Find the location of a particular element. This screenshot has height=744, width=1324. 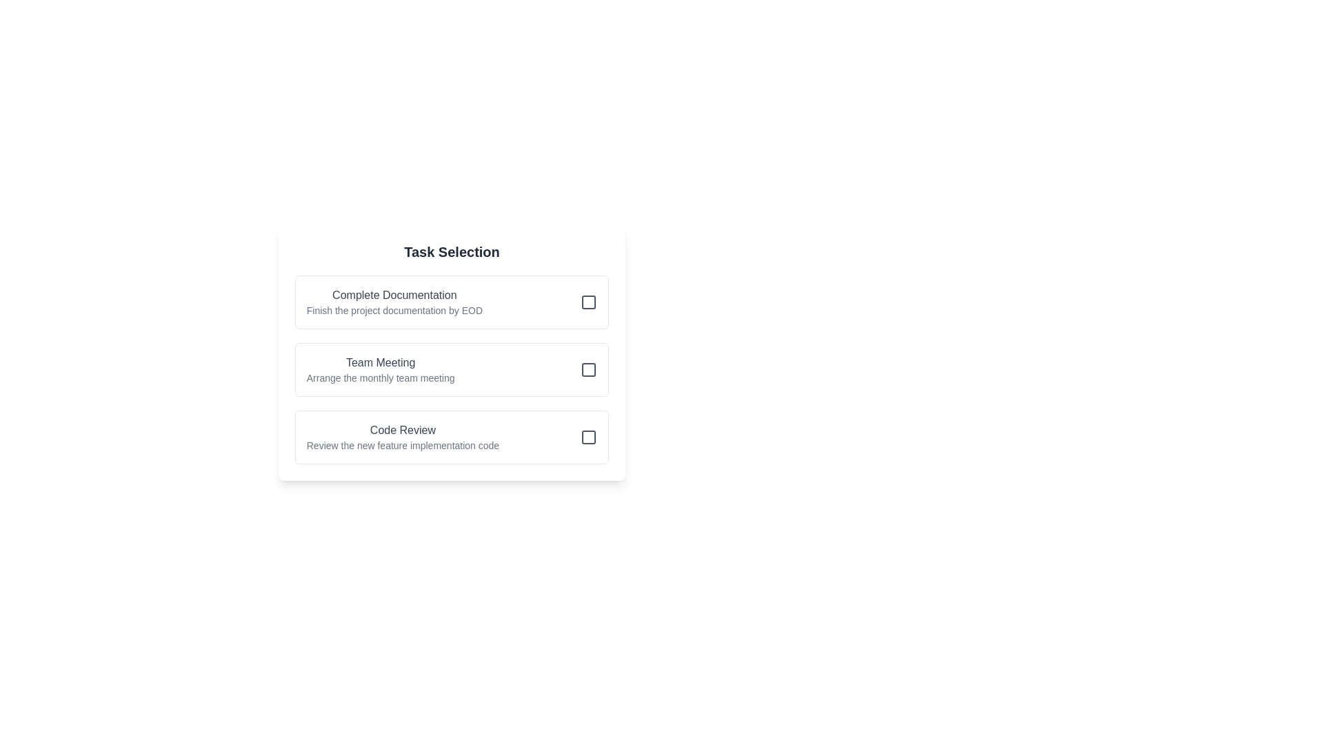

the text label that reads 'Review the new feature implementation code', which is styled with smaller, gray-colored font and is located below the 'Code Review' heading is located at coordinates (402, 446).